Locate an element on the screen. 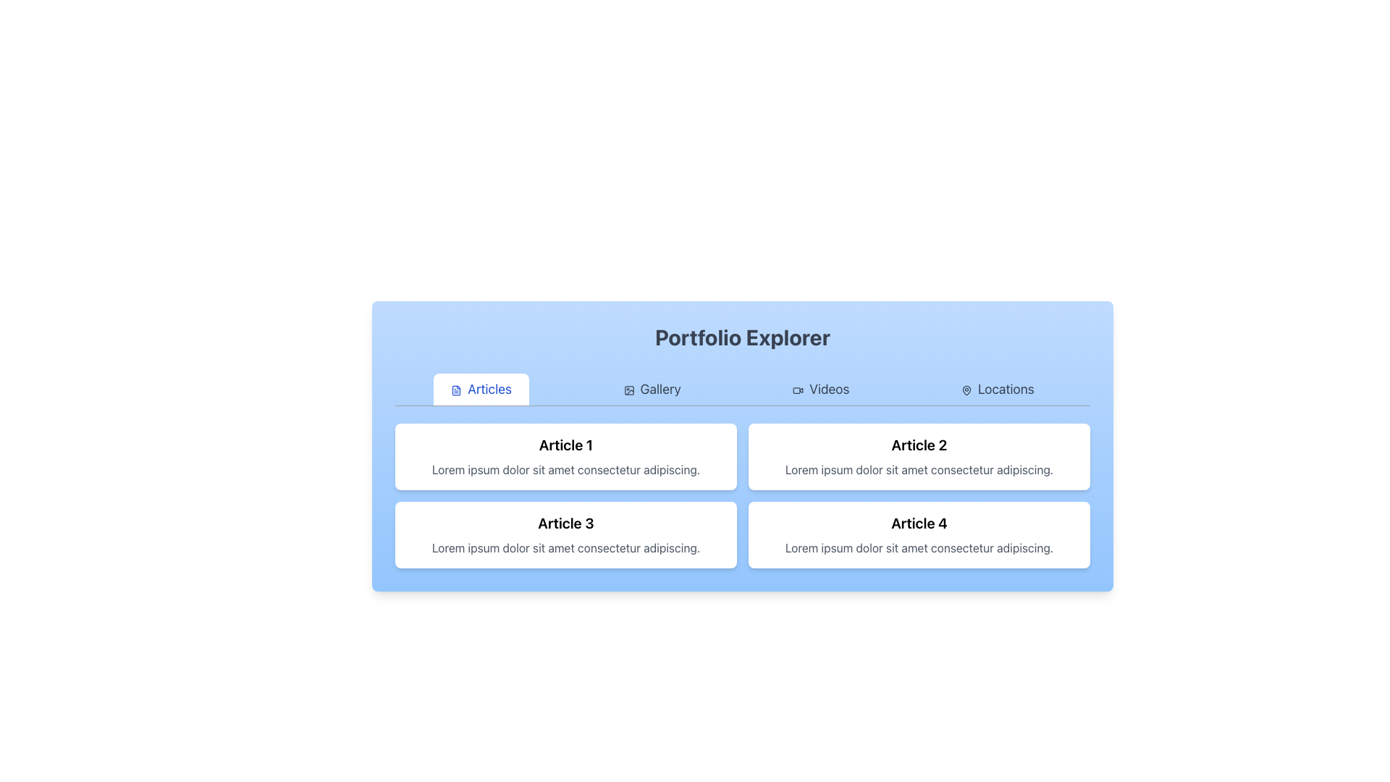  the 'Articles' tab button, which is the first tab in a horizontal navigation bar and features a document icon and blue text on a light background is located at coordinates (481, 388).